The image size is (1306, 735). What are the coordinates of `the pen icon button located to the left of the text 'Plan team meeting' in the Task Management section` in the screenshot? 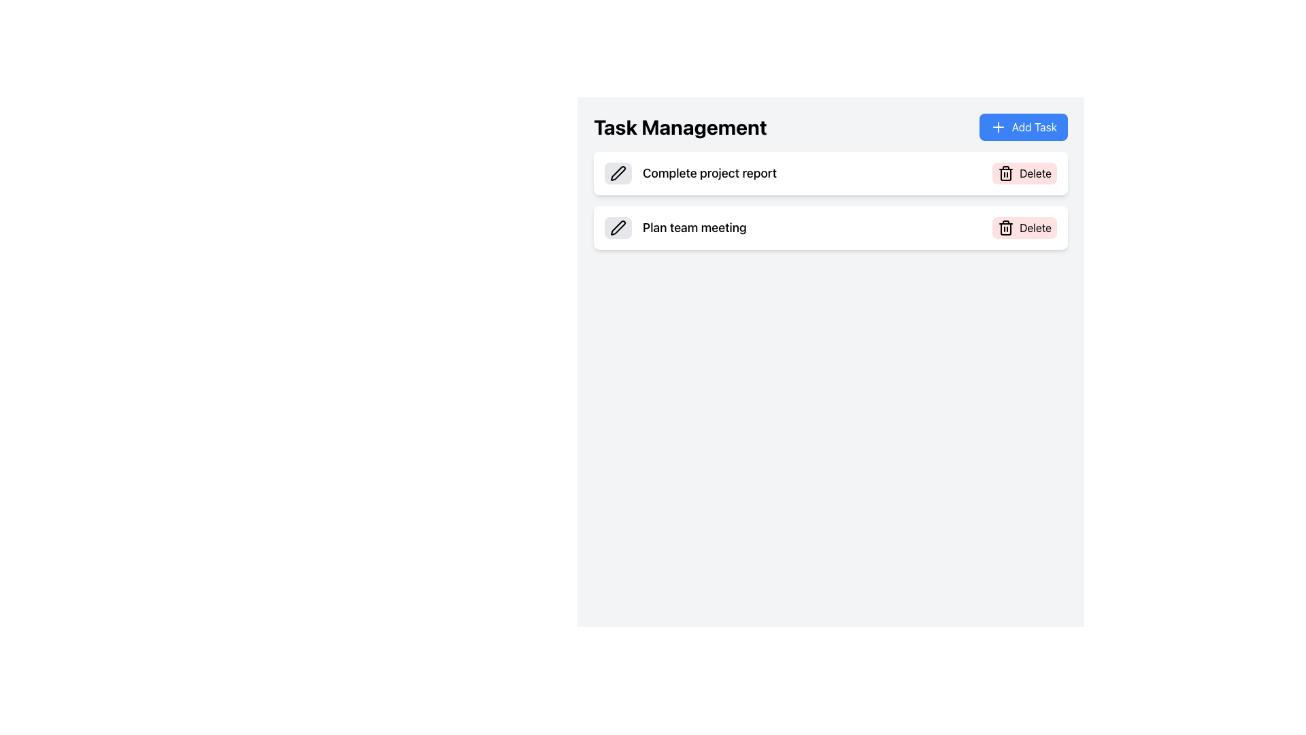 It's located at (617, 227).